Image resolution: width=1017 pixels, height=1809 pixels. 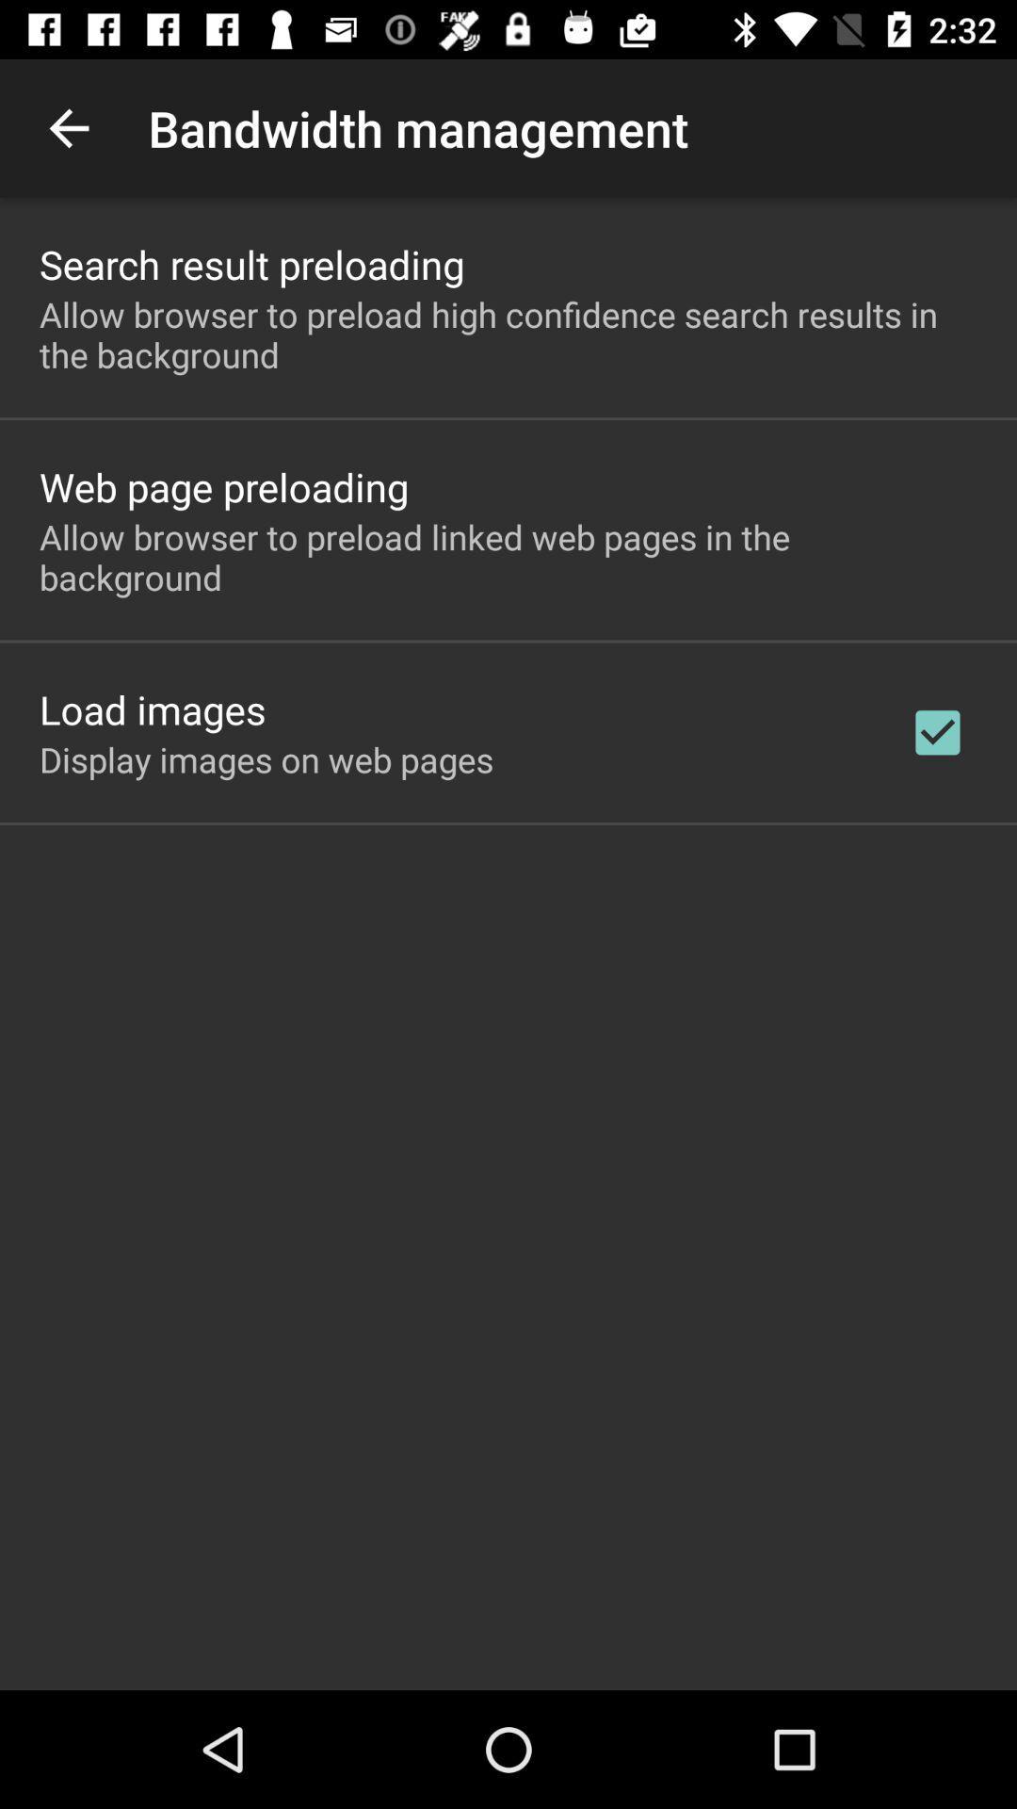 What do you see at coordinates (266, 759) in the screenshot?
I see `display images on icon` at bounding box center [266, 759].